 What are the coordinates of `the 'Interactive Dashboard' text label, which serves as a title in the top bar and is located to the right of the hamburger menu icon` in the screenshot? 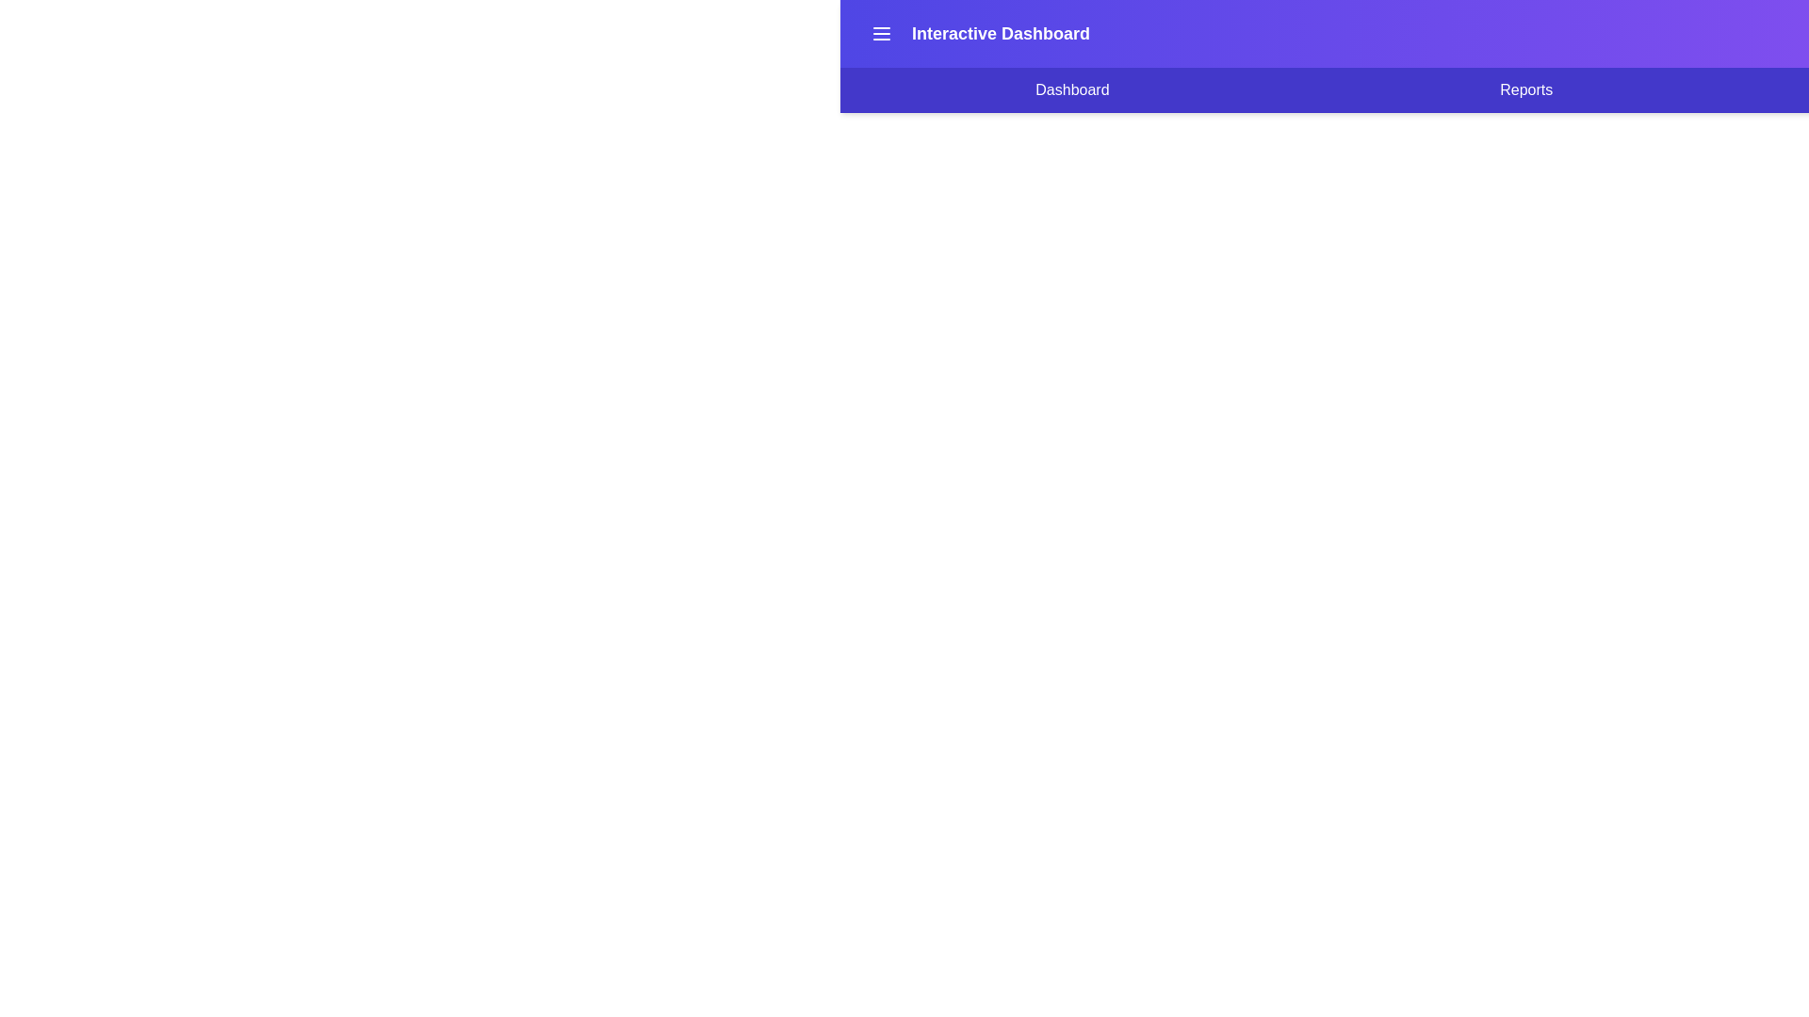 It's located at (976, 33).